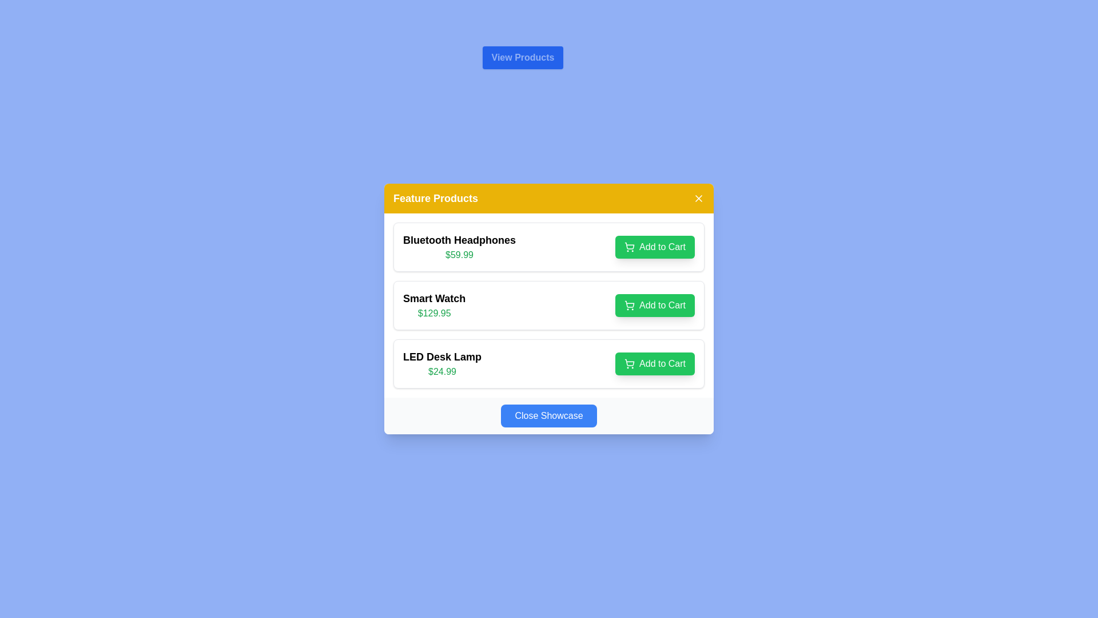 This screenshot has height=618, width=1098. What do you see at coordinates (698, 198) in the screenshot?
I see `the close icon represented by an 'X' shape located at the top-right corner of the yellow header labeled 'Feature Products'` at bounding box center [698, 198].